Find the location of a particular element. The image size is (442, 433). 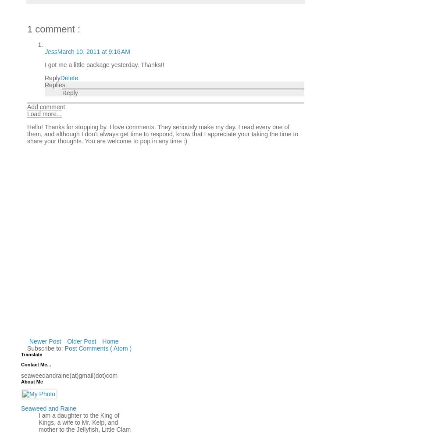

'Post Comments
                                    (
                                    Atom
                                    )' is located at coordinates (98, 347).